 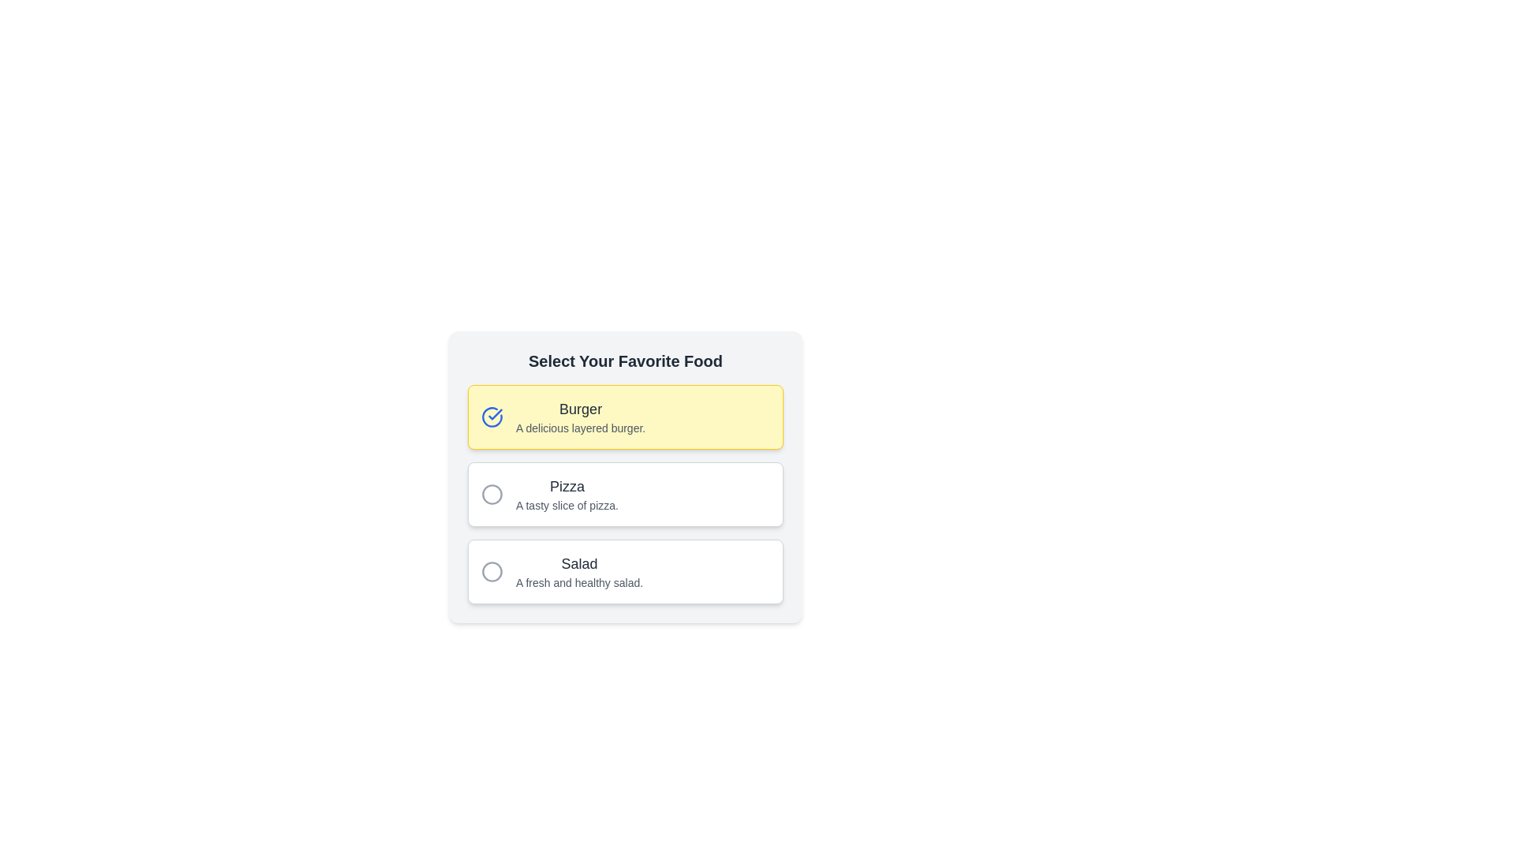 I want to click on the unselected radio button indicator for the 'Pizza' option located in the second option row, so click(x=492, y=494).